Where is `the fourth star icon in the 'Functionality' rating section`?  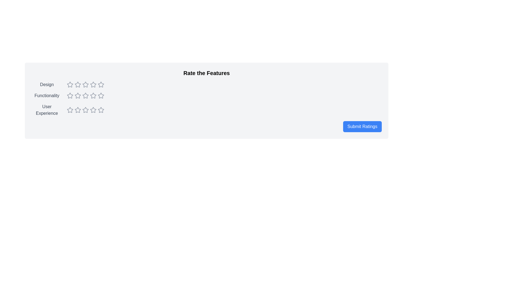 the fourth star icon in the 'Functionality' rating section is located at coordinates (93, 95).